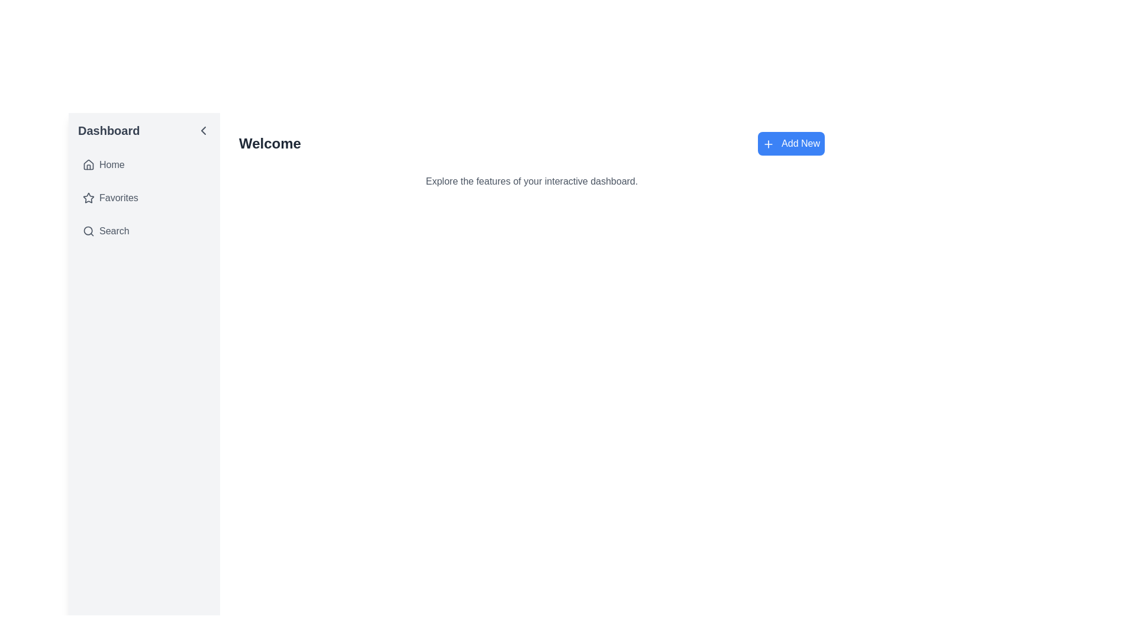 This screenshot has height=639, width=1136. What do you see at coordinates (88, 197) in the screenshot?
I see `the star-shaped vector icon with a grey outline located in the navigation menu under the 'Favorites' label` at bounding box center [88, 197].